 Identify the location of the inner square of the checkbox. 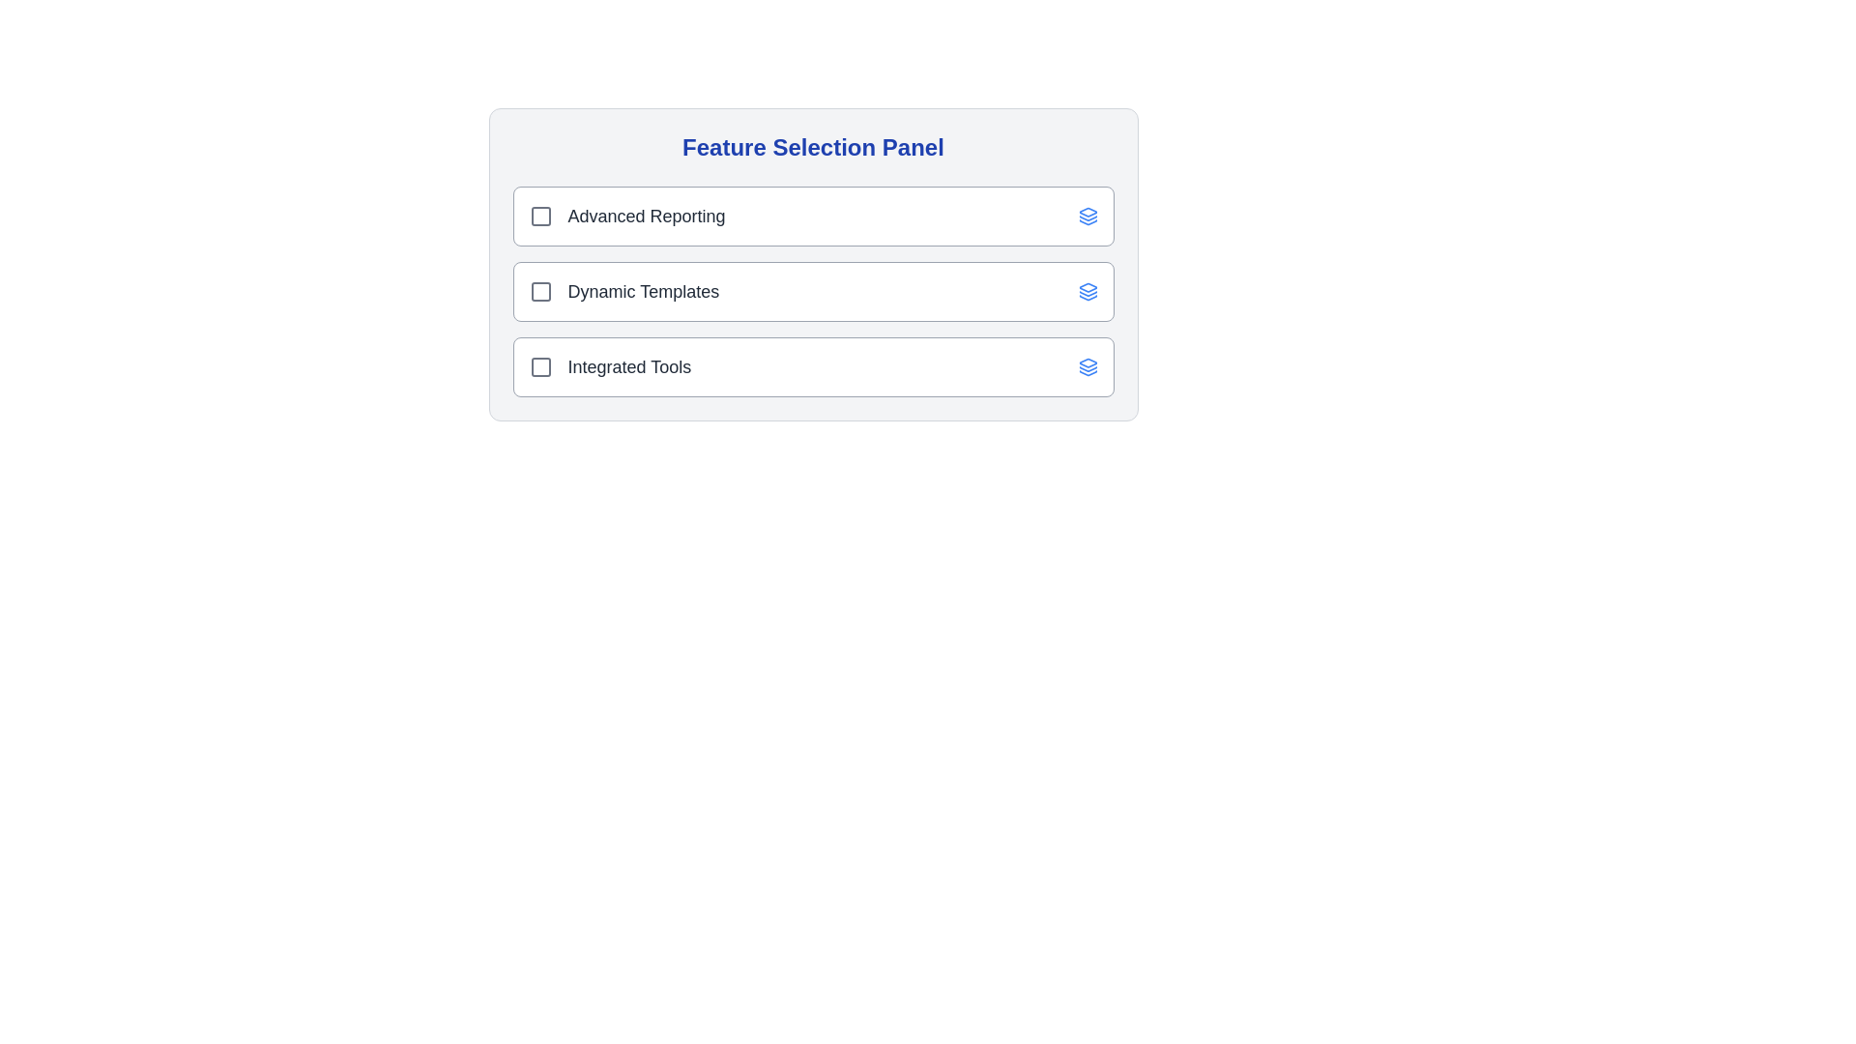
(540, 367).